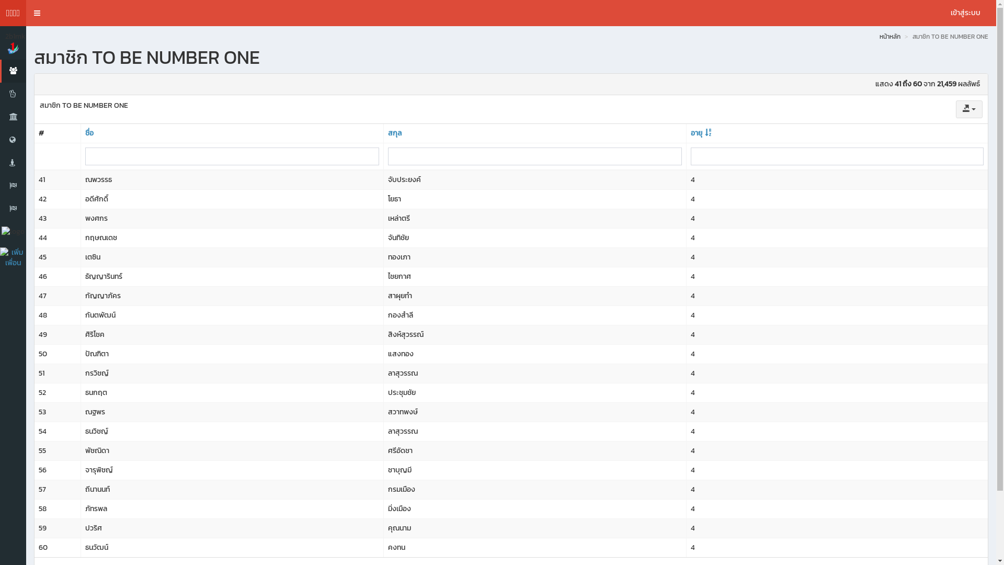 This screenshot has height=565, width=1004. I want to click on 'Toggle navigation', so click(26, 13).